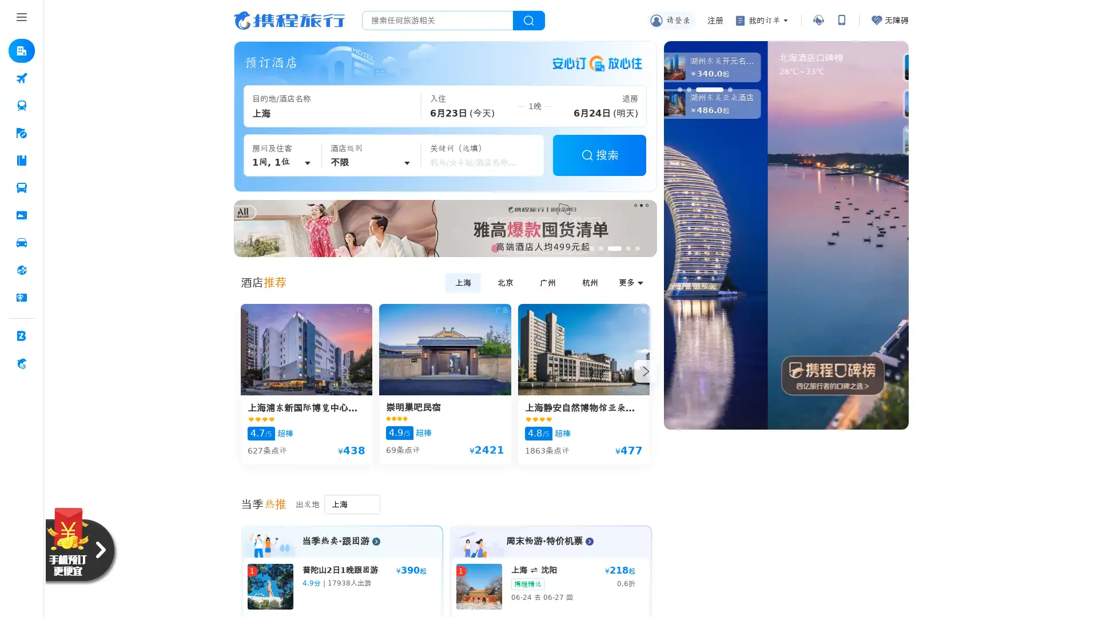 The image size is (1098, 617). Describe the element at coordinates (688, 89) in the screenshot. I see `Go to slide 2` at that location.